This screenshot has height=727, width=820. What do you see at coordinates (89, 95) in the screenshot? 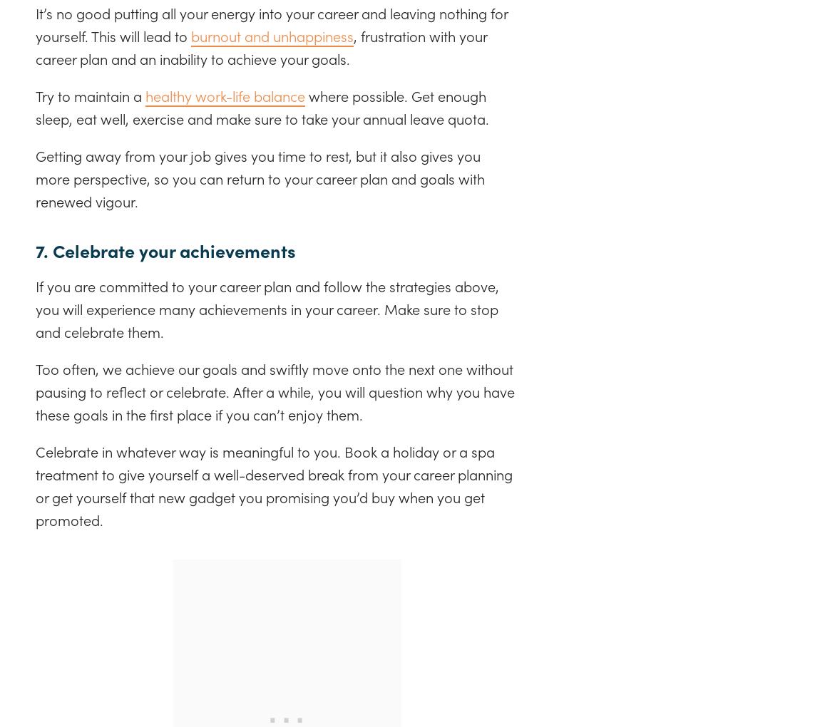
I see `'Try to maintain a'` at bounding box center [89, 95].